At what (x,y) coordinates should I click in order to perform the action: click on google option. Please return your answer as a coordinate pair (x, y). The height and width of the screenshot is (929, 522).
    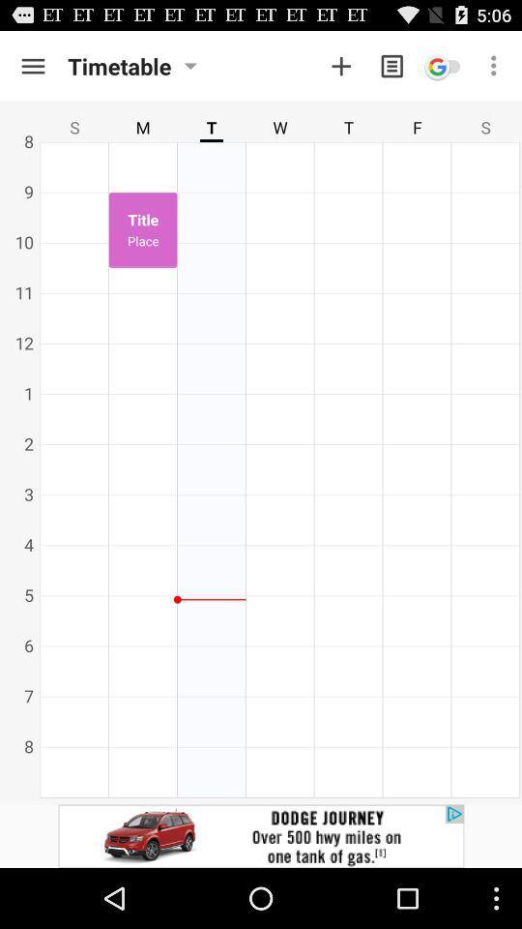
    Looking at the image, I should click on (443, 66).